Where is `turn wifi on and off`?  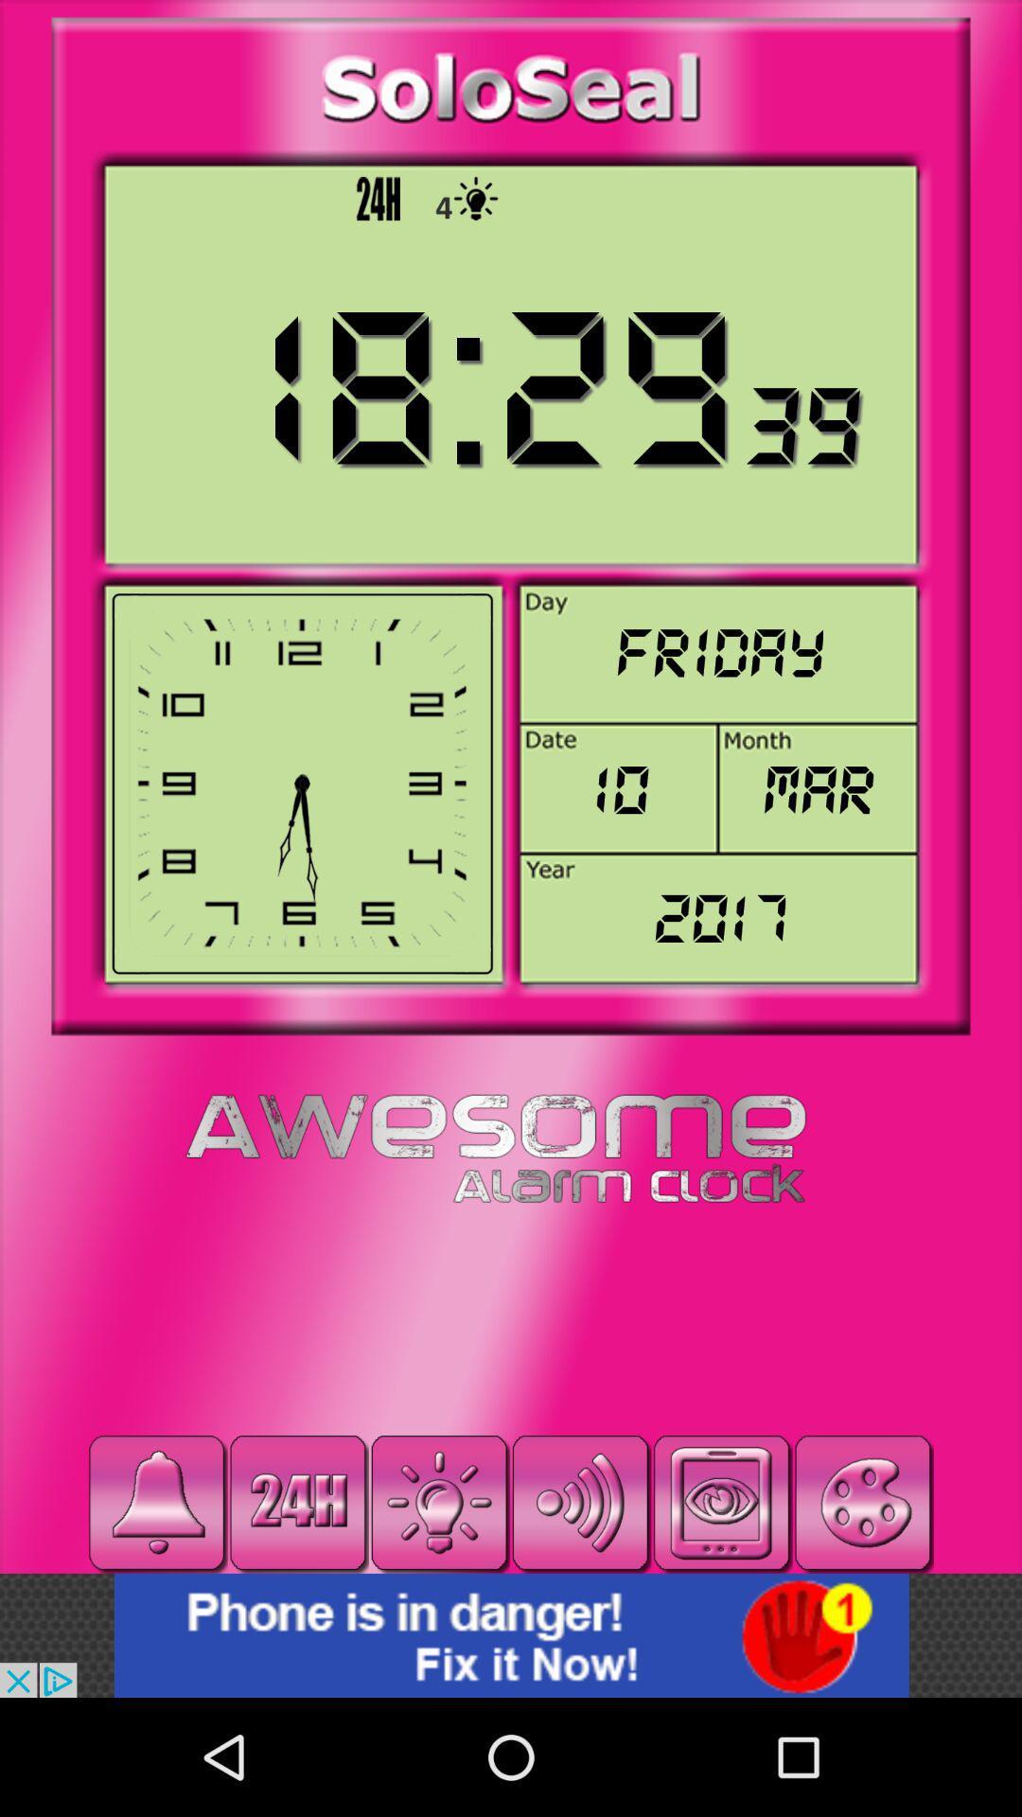
turn wifi on and off is located at coordinates (579, 1502).